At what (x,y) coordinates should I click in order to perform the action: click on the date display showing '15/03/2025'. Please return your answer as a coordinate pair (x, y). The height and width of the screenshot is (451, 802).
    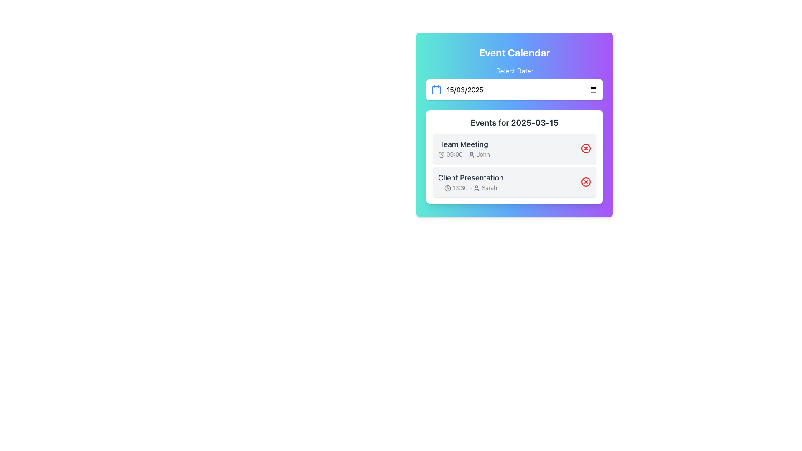
    Looking at the image, I should click on (514, 90).